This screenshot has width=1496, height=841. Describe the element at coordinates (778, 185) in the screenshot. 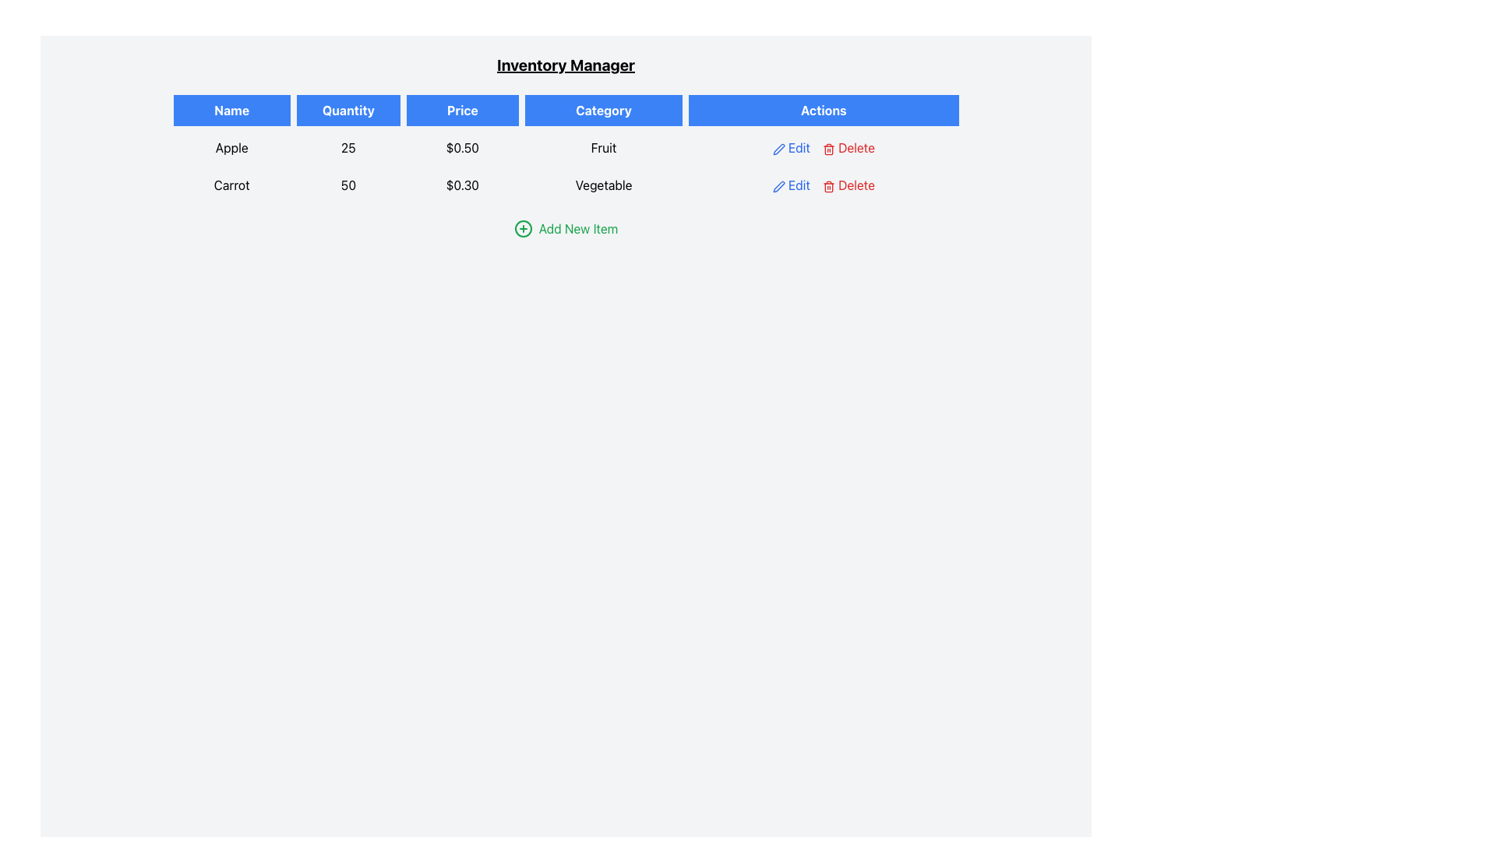

I see `the edit icon located in the leftmost position of the 'Edit' button in the second row of the table under the 'Actions' column, which corresponds to the item 'Carrot', to initiate the edit function` at that location.